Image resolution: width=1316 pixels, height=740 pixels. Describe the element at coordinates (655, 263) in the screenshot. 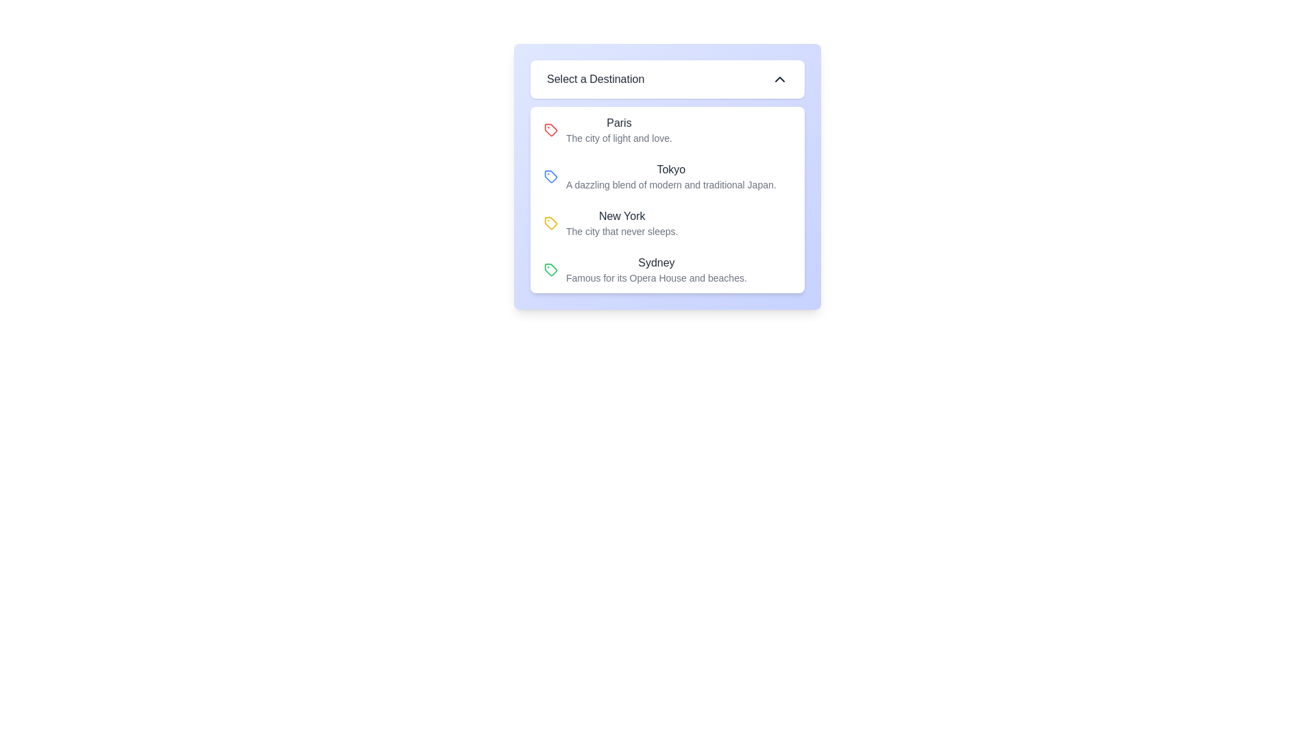

I see `the static text label displaying 'Sydney' which is the fourth entry in a list of destination options` at that location.